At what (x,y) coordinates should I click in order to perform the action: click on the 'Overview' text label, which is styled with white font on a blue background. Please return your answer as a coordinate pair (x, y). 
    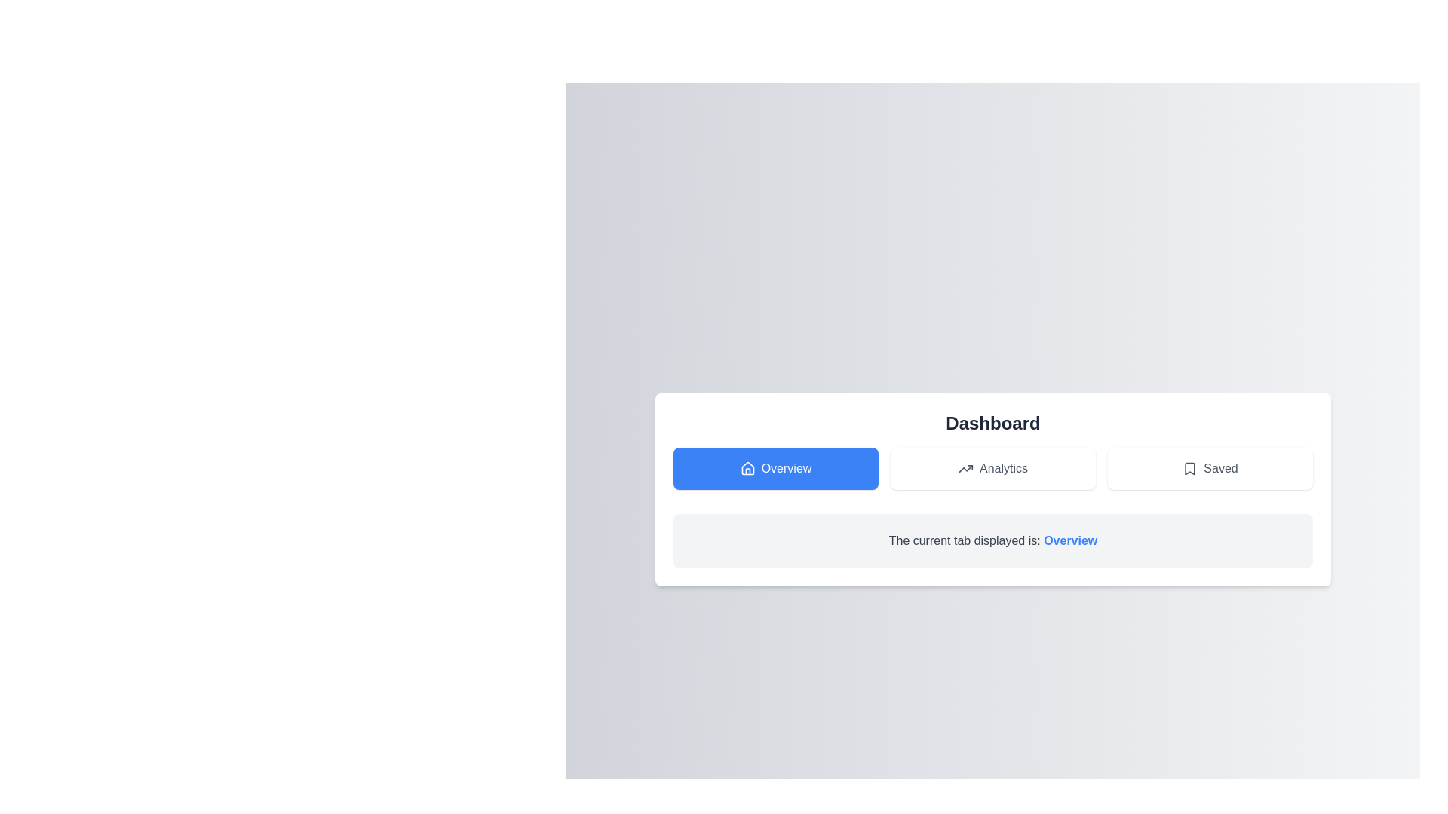
    Looking at the image, I should click on (785, 467).